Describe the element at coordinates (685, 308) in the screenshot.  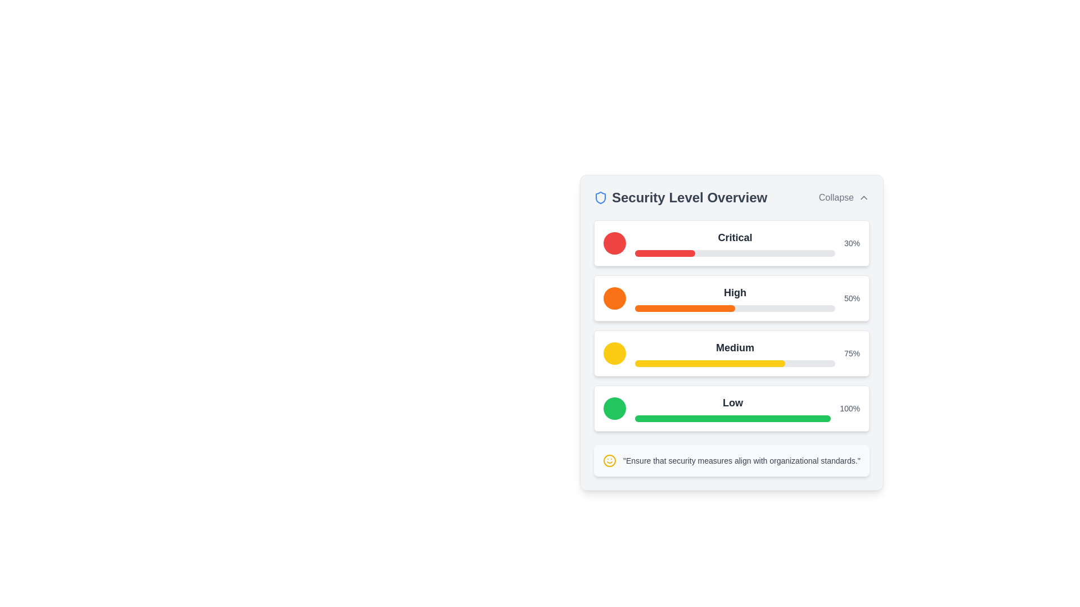
I see `the 'High' security level progress bar segment, which visually represents a 50% completion in the 'Security Level Overview' interface card` at that location.